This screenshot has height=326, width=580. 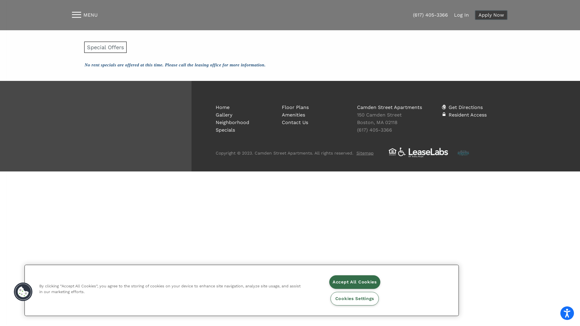 What do you see at coordinates (356, 152) in the screenshot?
I see `'Sitemap'` at bounding box center [356, 152].